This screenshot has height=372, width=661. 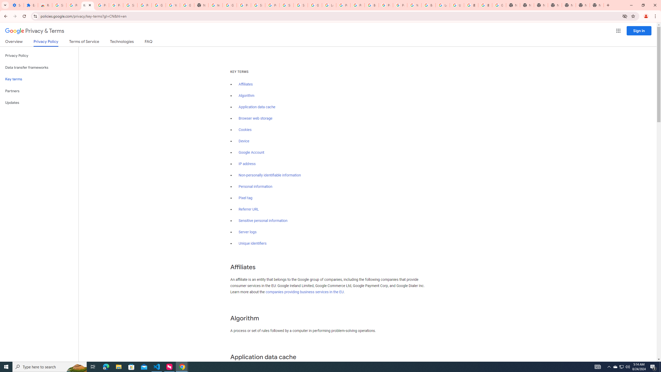 What do you see at coordinates (597, 5) in the screenshot?
I see `'New Tab'` at bounding box center [597, 5].